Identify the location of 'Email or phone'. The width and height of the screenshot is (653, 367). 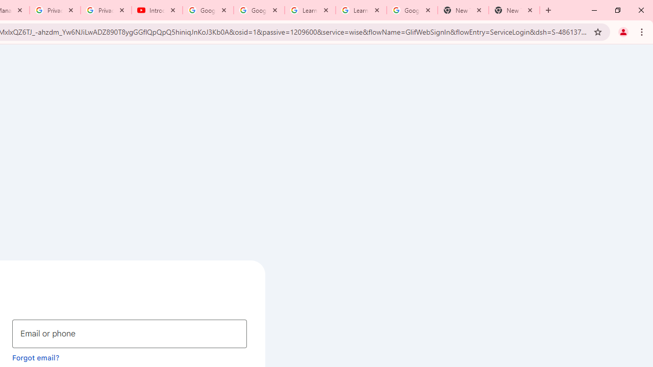
(129, 333).